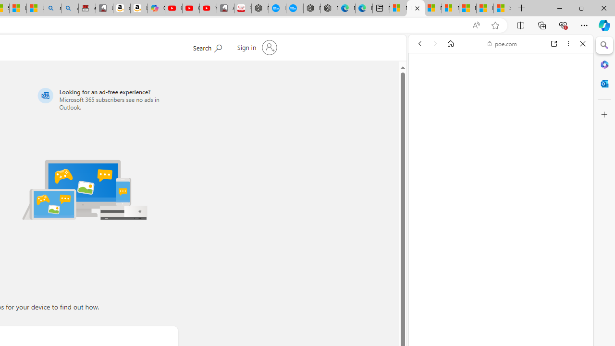 This screenshot has height=346, width=615. What do you see at coordinates (483, 109) in the screenshot?
I see `'VIDEOS'` at bounding box center [483, 109].